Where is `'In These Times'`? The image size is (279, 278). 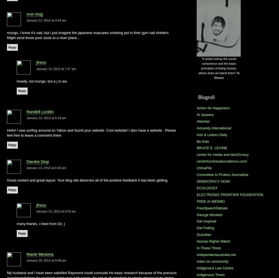 'In These Times' is located at coordinates (208, 248).